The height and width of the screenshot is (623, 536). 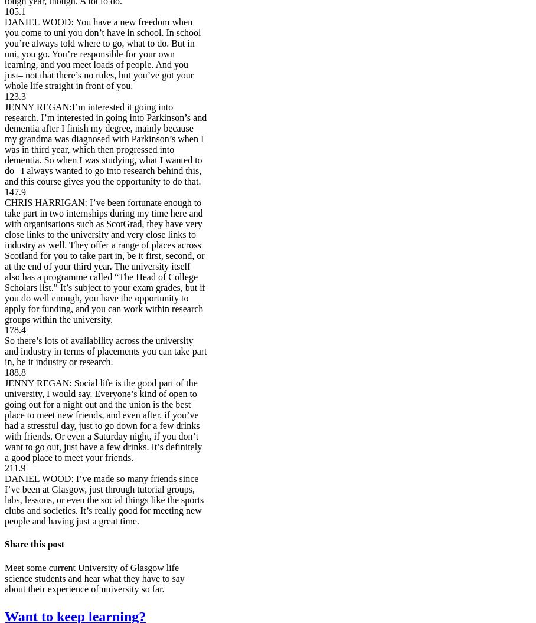 I want to click on '147.9', so click(x=14, y=192).